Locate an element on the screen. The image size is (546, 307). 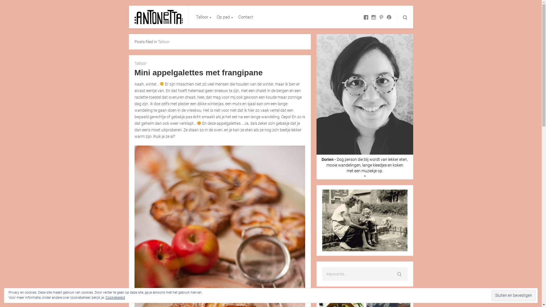
'Op pad' is located at coordinates (224, 17).